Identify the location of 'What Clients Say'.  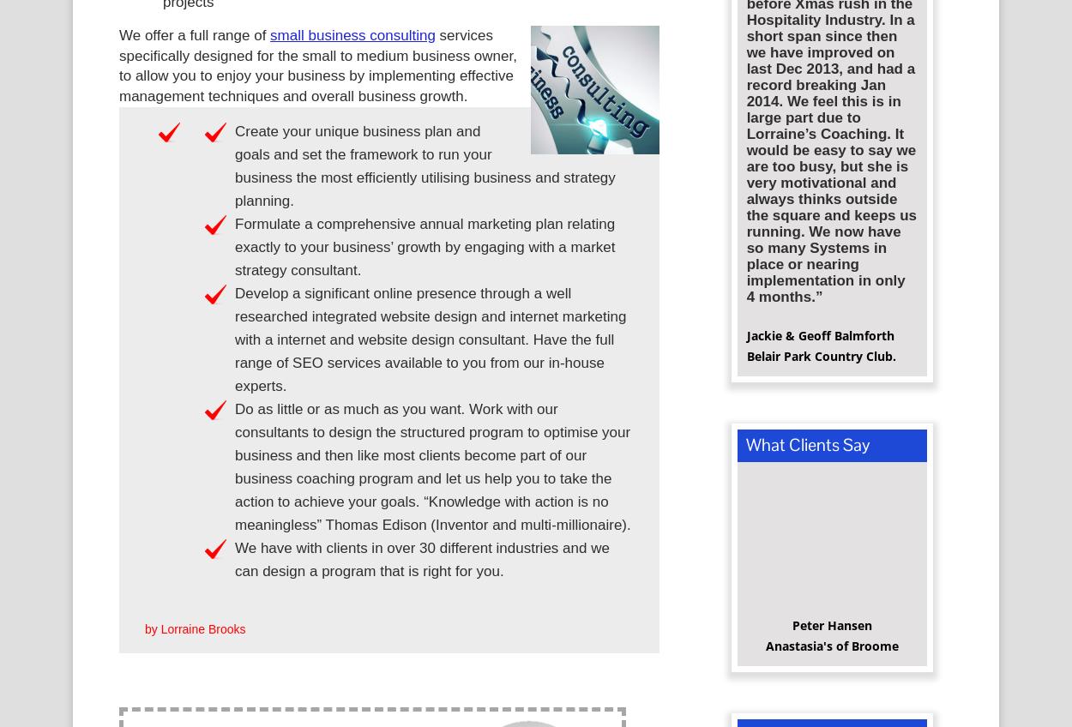
(806, 449).